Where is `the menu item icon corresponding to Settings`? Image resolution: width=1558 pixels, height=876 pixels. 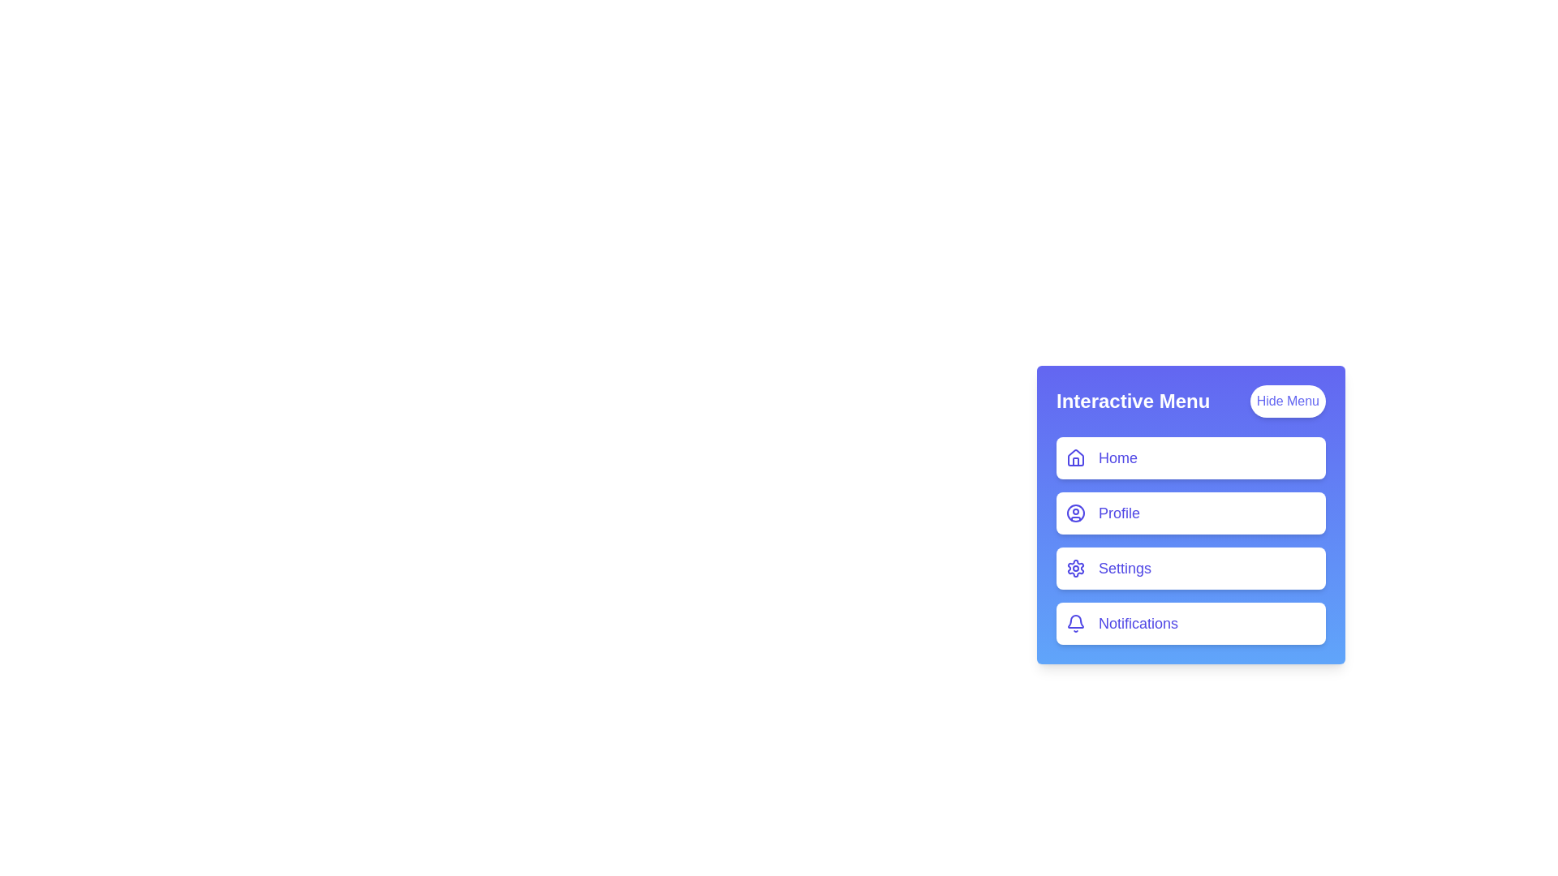
the menu item icon corresponding to Settings is located at coordinates (1075, 568).